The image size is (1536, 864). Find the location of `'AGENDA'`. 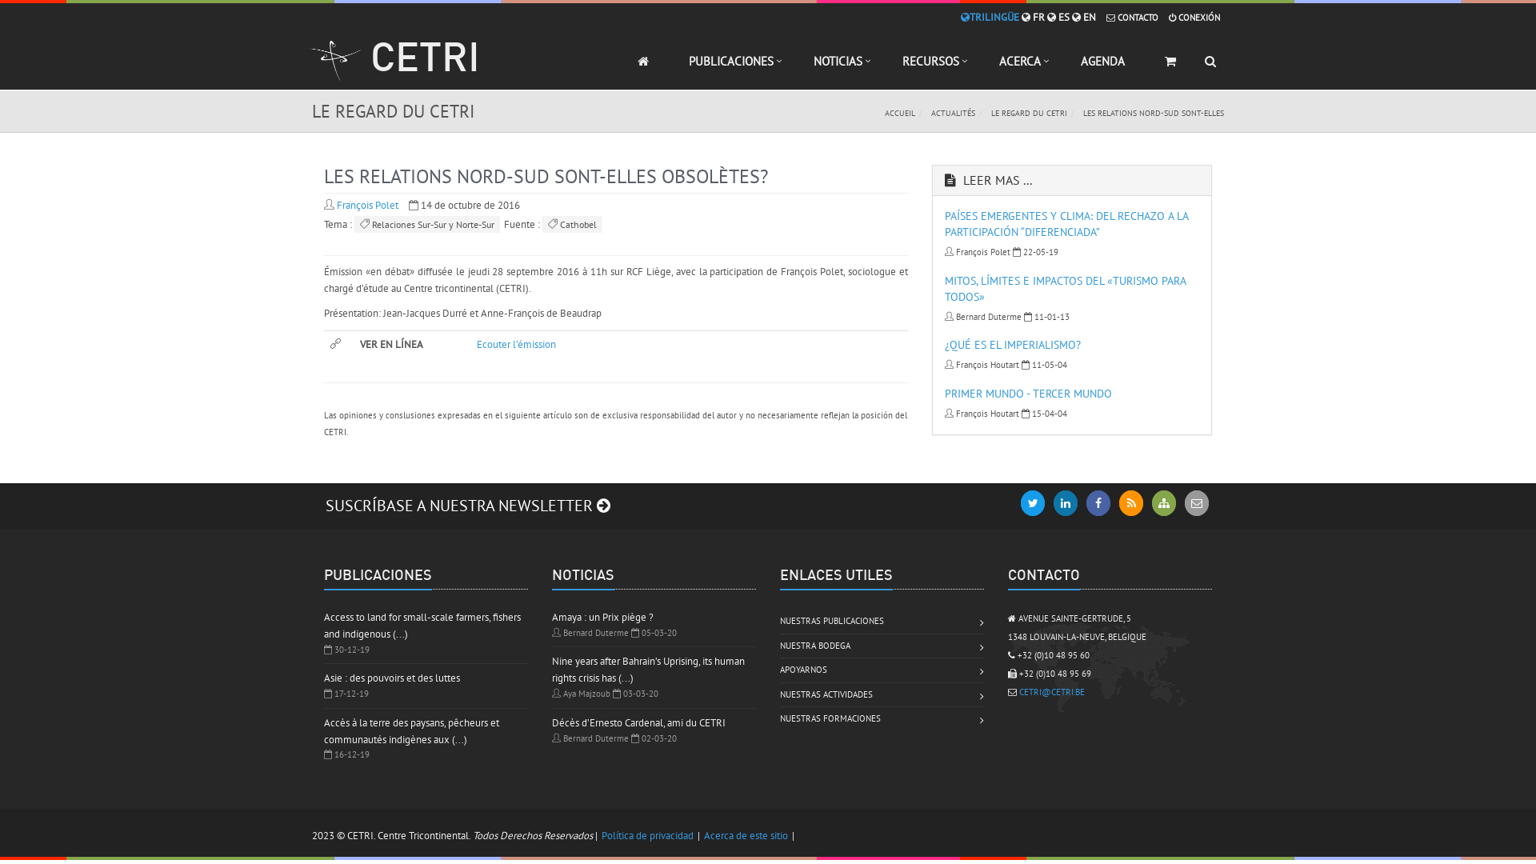

'AGENDA' is located at coordinates (1060, 67).